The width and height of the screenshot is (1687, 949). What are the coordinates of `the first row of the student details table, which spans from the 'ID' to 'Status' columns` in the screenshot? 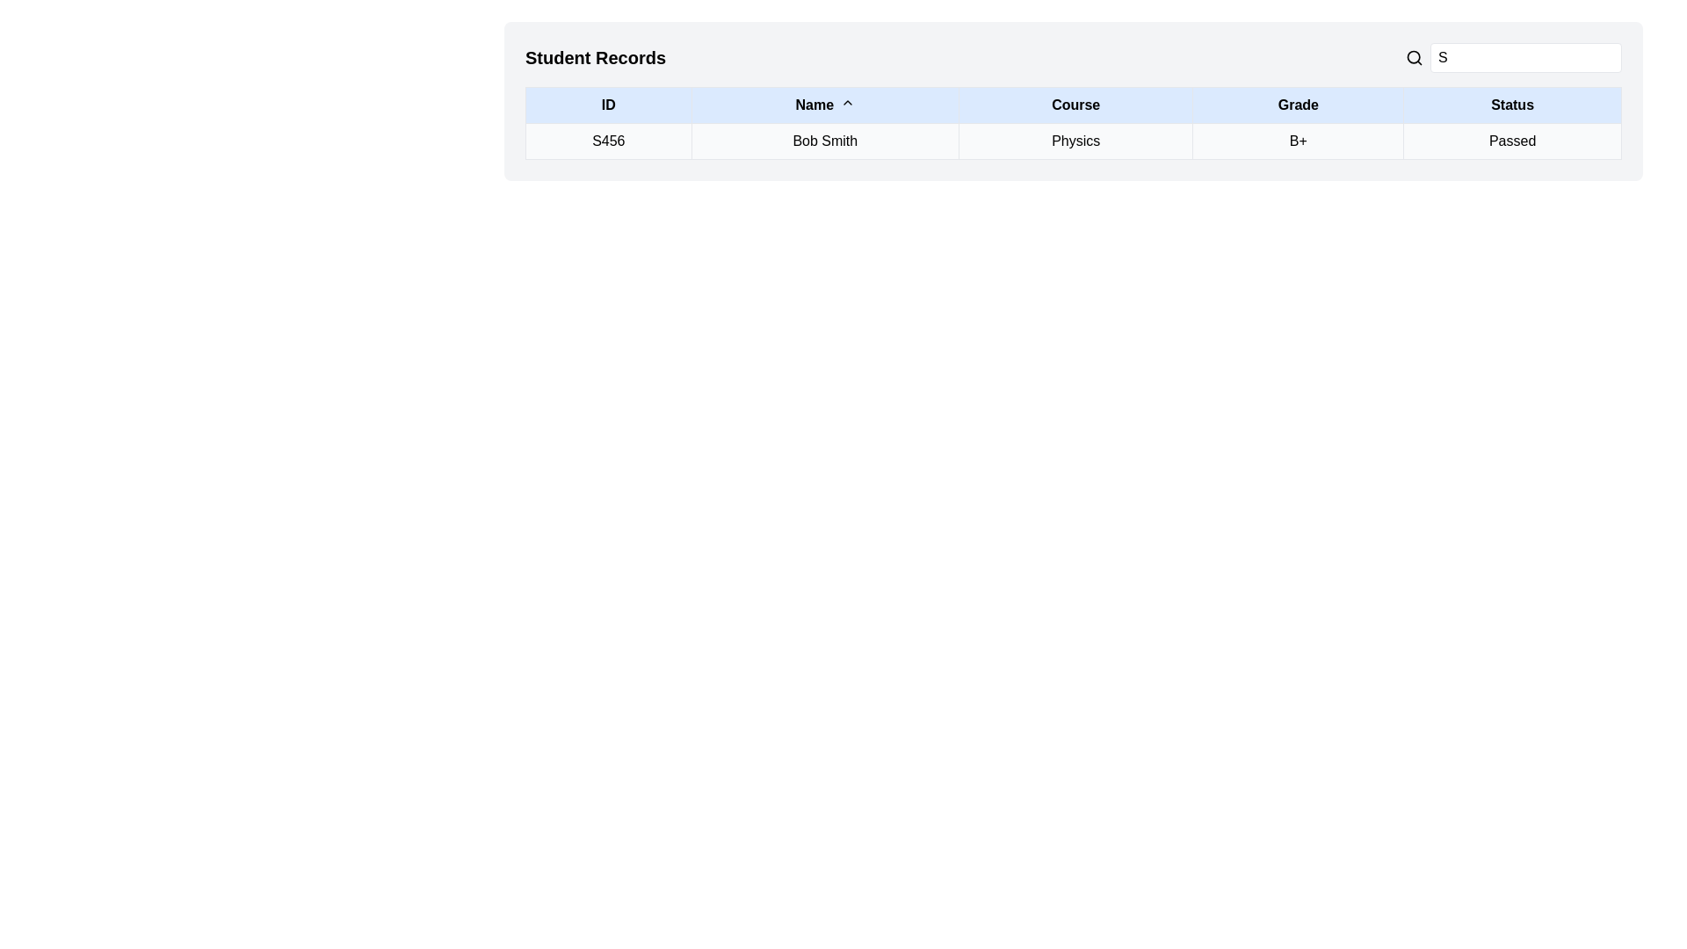 It's located at (1073, 141).